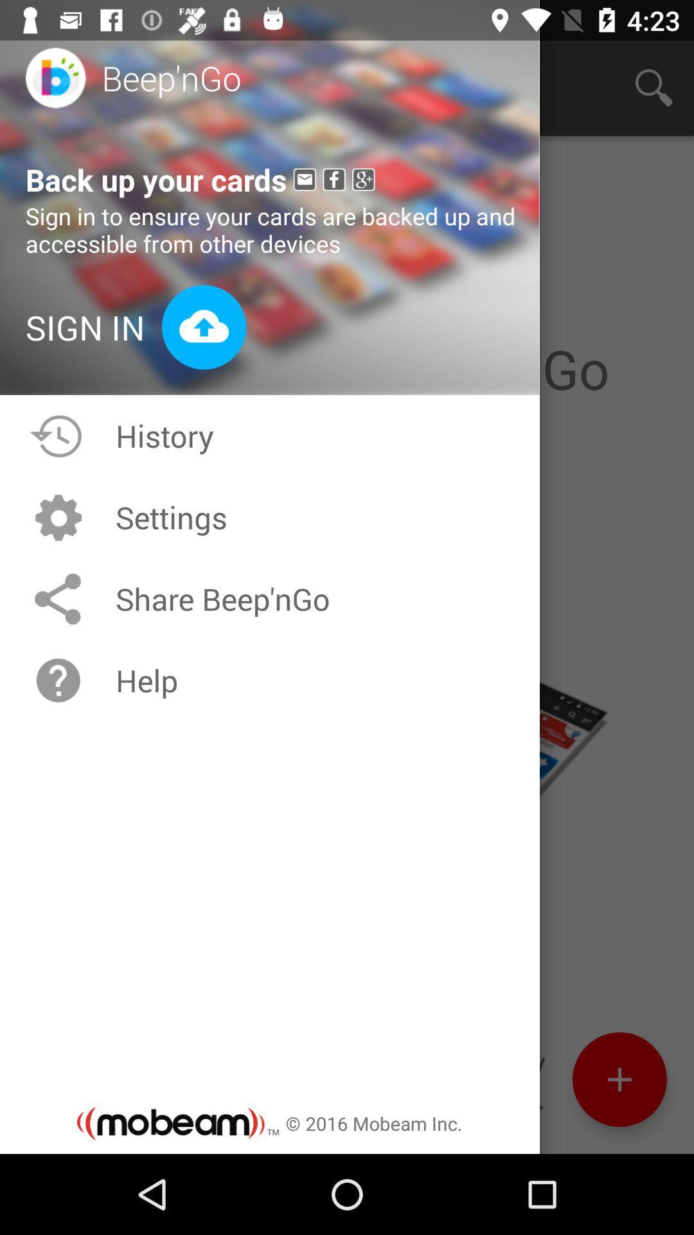 The image size is (694, 1235). Describe the element at coordinates (619, 1155) in the screenshot. I see `the add icon` at that location.